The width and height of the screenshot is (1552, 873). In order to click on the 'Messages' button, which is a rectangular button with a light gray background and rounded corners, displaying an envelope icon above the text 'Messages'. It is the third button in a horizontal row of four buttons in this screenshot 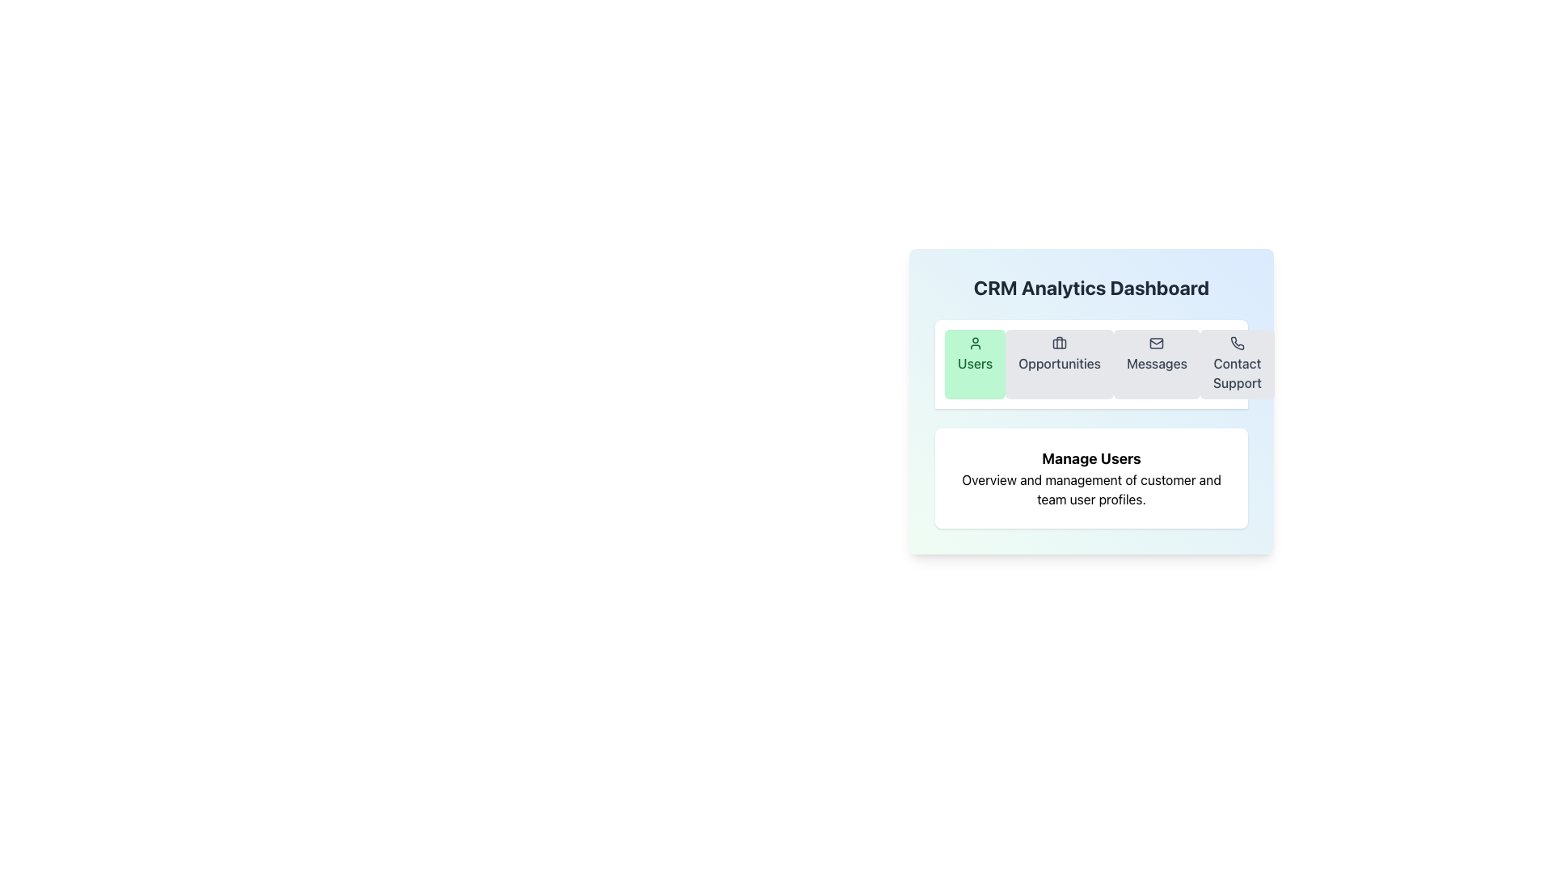, I will do `click(1156, 365)`.